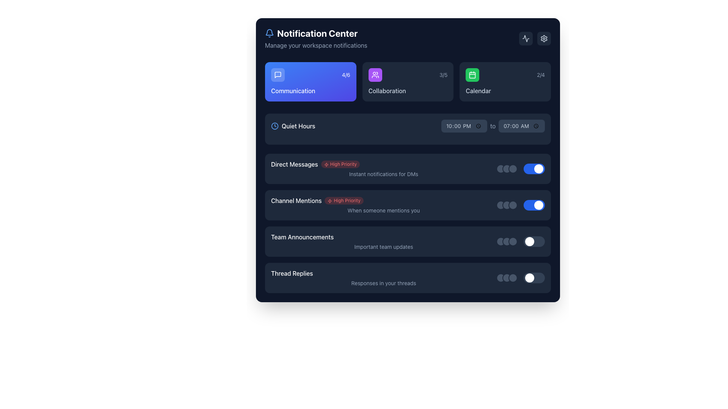 The image size is (728, 409). What do you see at coordinates (311, 90) in the screenshot?
I see `the text label that displays the word 'Communication' in a white bold font against a gradient blue background, which is located within a card in the top section of the page, directly below the '4/6' statistic` at bounding box center [311, 90].